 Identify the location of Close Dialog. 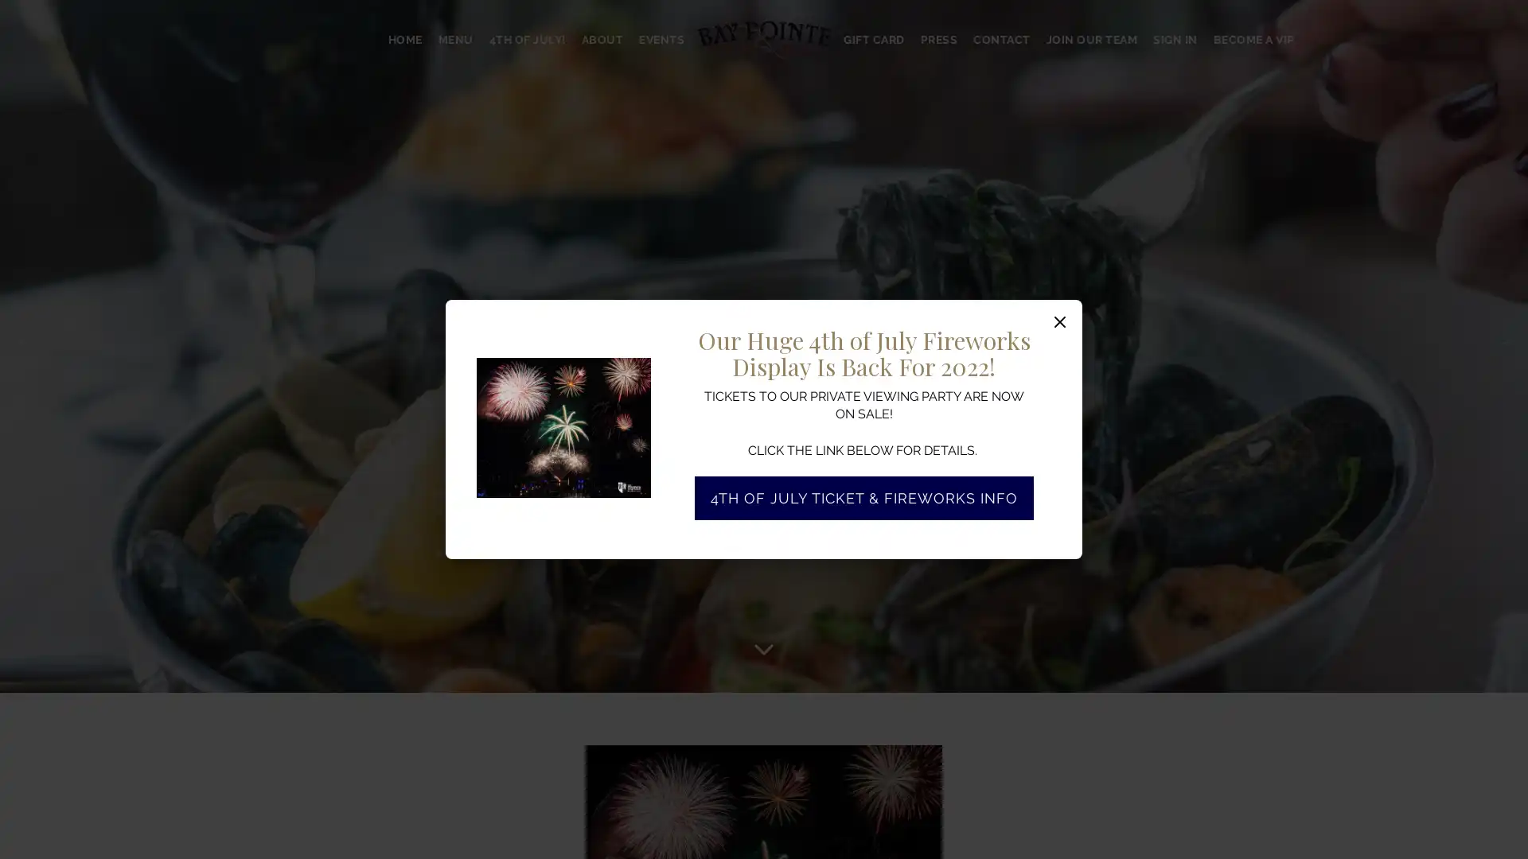
(1060, 321).